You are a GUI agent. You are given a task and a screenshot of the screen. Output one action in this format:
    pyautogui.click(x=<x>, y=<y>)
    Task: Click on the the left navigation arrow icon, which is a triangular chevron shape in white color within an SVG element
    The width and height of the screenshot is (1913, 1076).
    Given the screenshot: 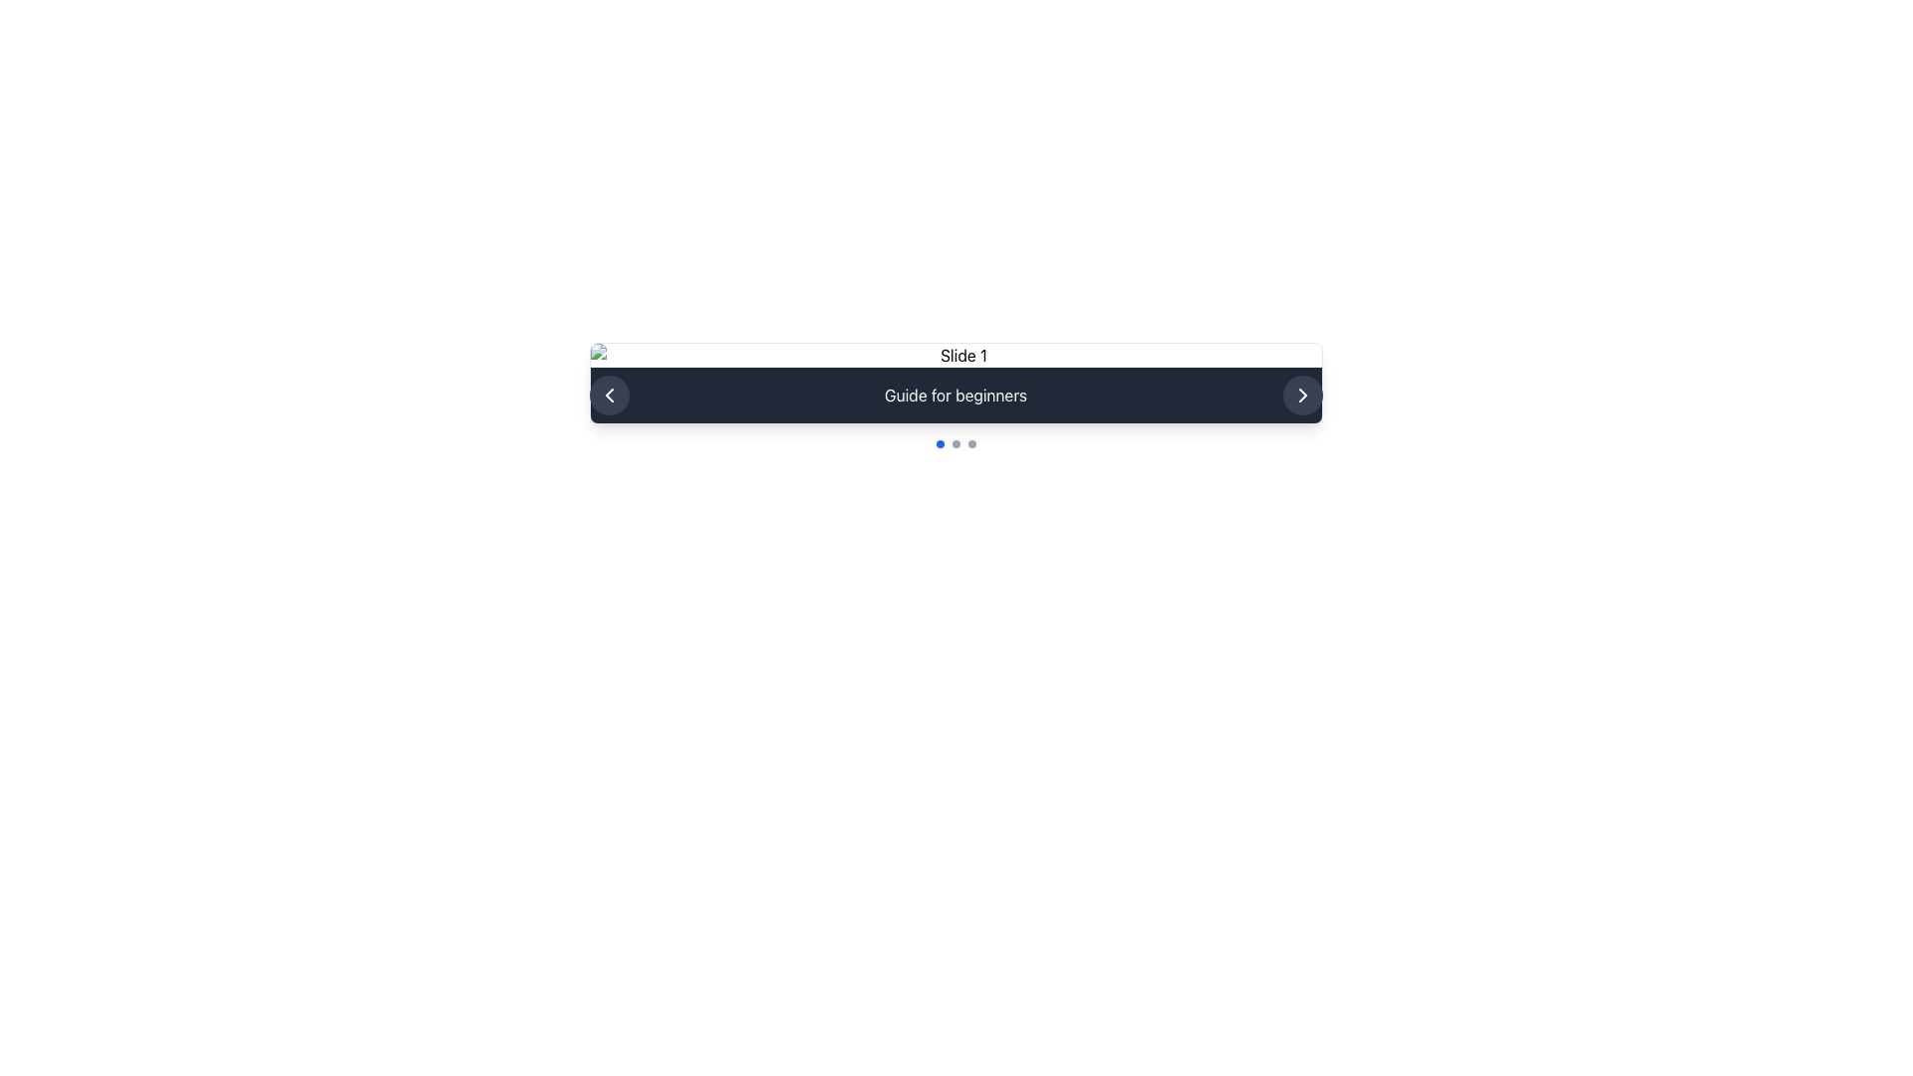 What is the action you would take?
    pyautogui.click(x=608, y=396)
    